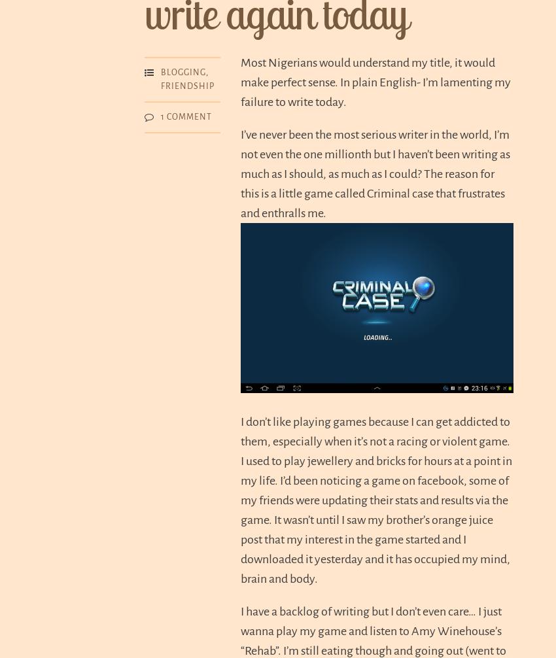 Image resolution: width=556 pixels, height=658 pixels. What do you see at coordinates (375, 82) in the screenshot?
I see `'Most Nigerians would understand my title, it would make perfect sense. In plain English- I’m lamenting my failure to write today.'` at bounding box center [375, 82].